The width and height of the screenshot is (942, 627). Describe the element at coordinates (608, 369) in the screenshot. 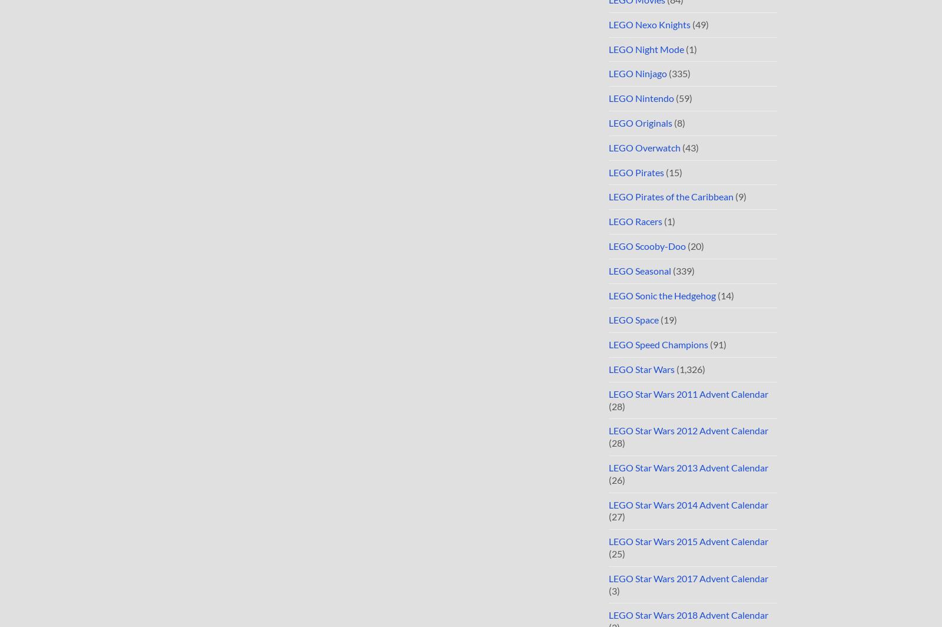

I see `'LEGO Star Wars'` at that location.